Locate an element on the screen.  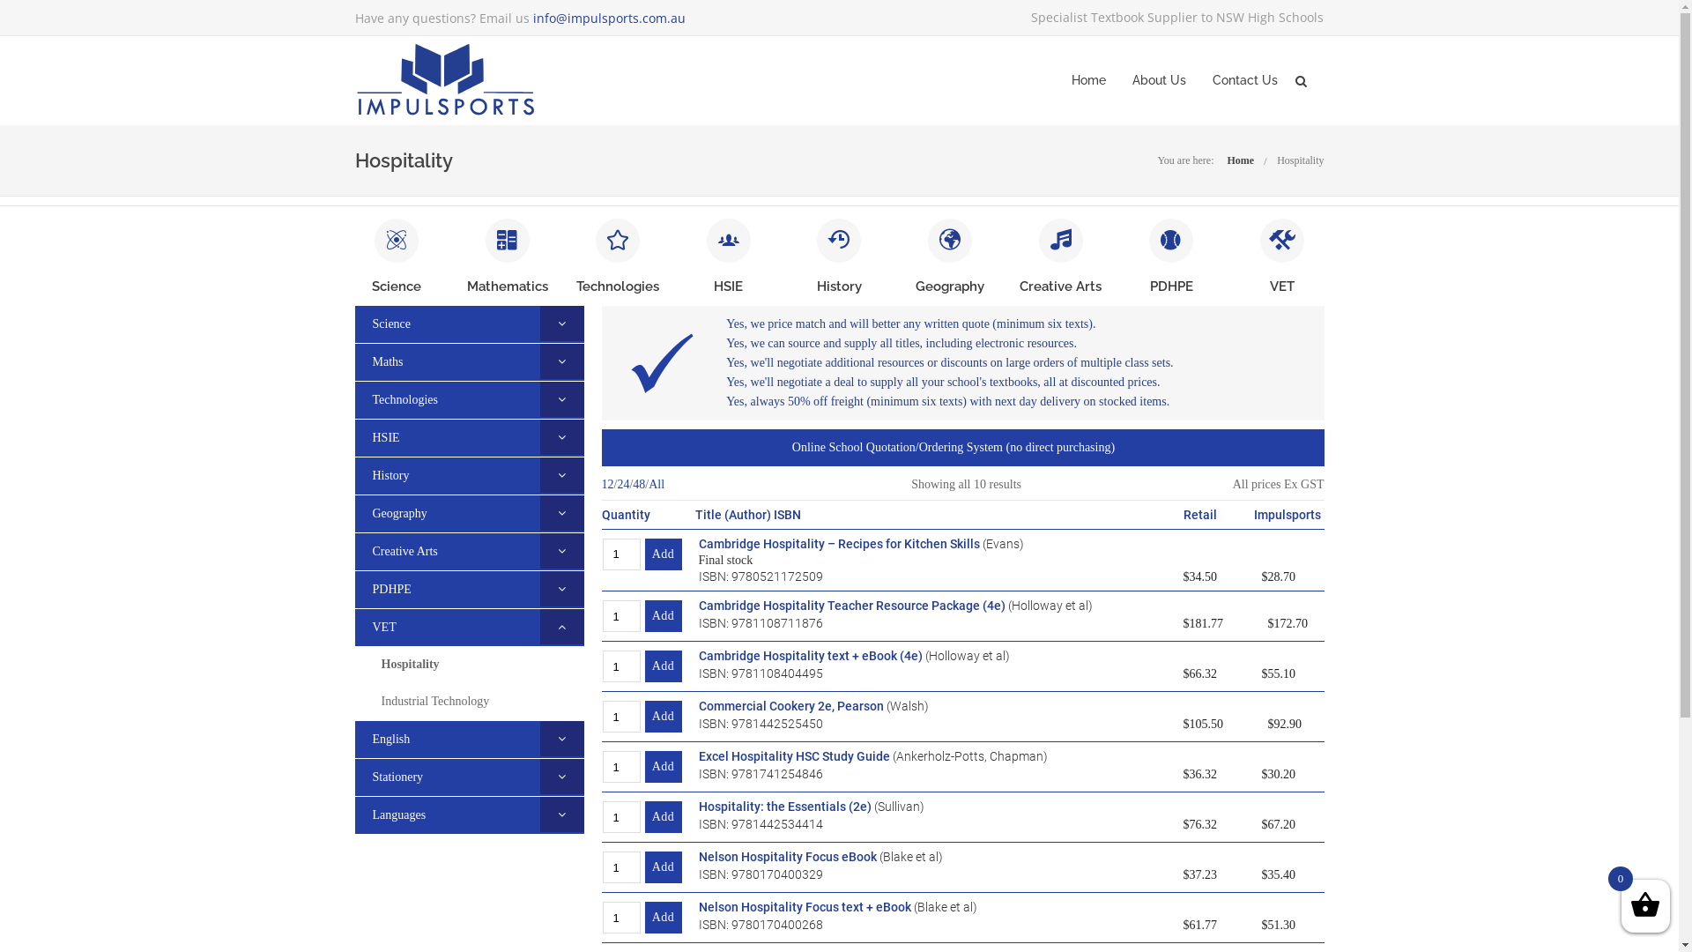
'Mathematics' is located at coordinates (466, 285).